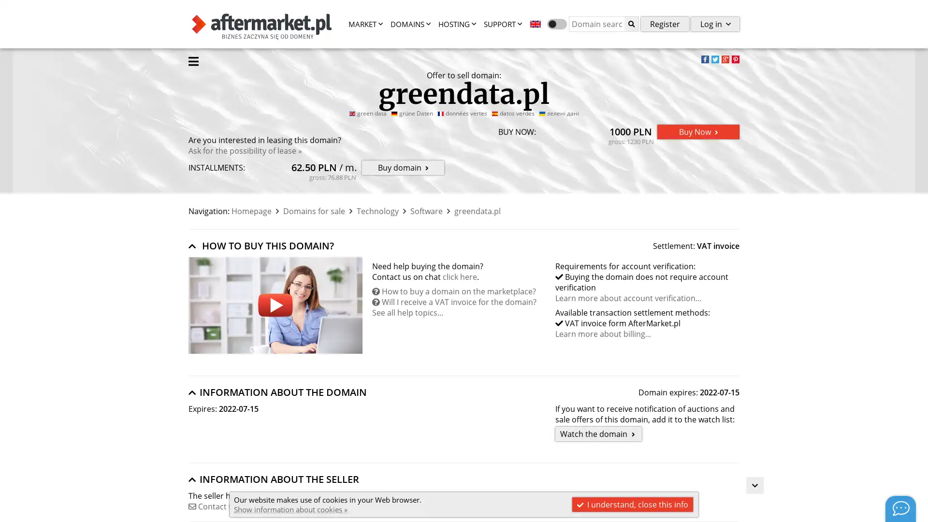 The height and width of the screenshot is (522, 928). Describe the element at coordinates (598, 434) in the screenshot. I see `Watch the domain` at that location.